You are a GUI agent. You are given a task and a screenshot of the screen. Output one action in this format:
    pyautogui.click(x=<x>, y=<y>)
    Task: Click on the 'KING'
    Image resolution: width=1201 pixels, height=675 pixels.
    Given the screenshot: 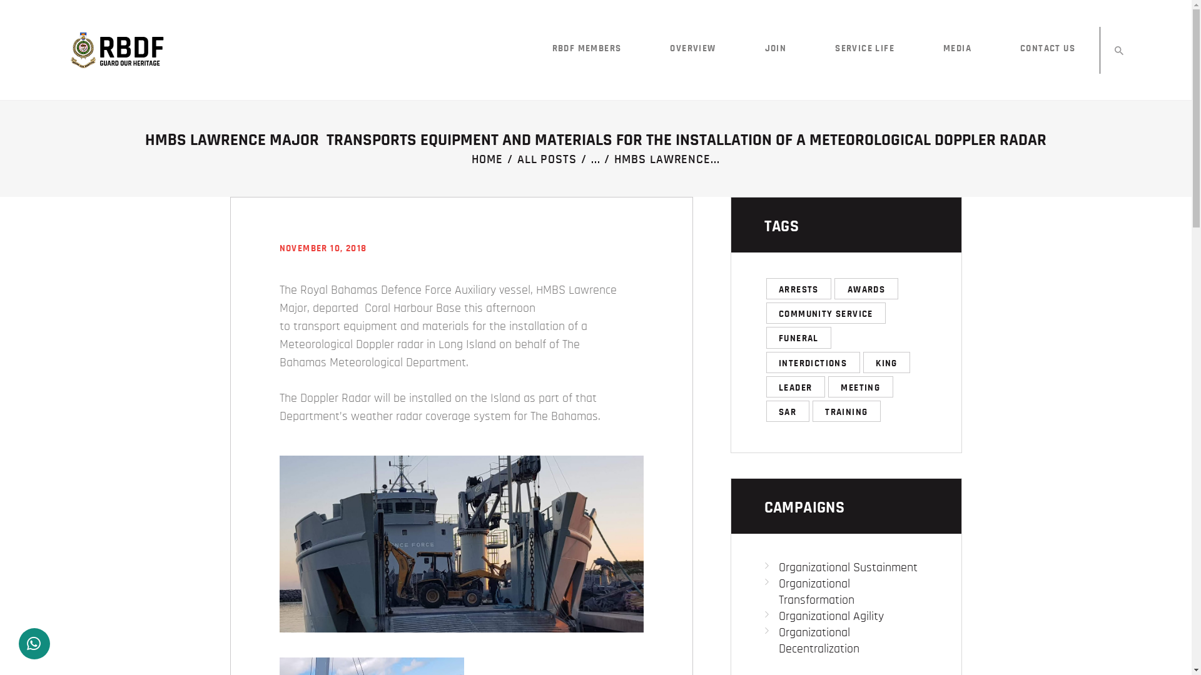 What is the action you would take?
    pyautogui.click(x=863, y=362)
    